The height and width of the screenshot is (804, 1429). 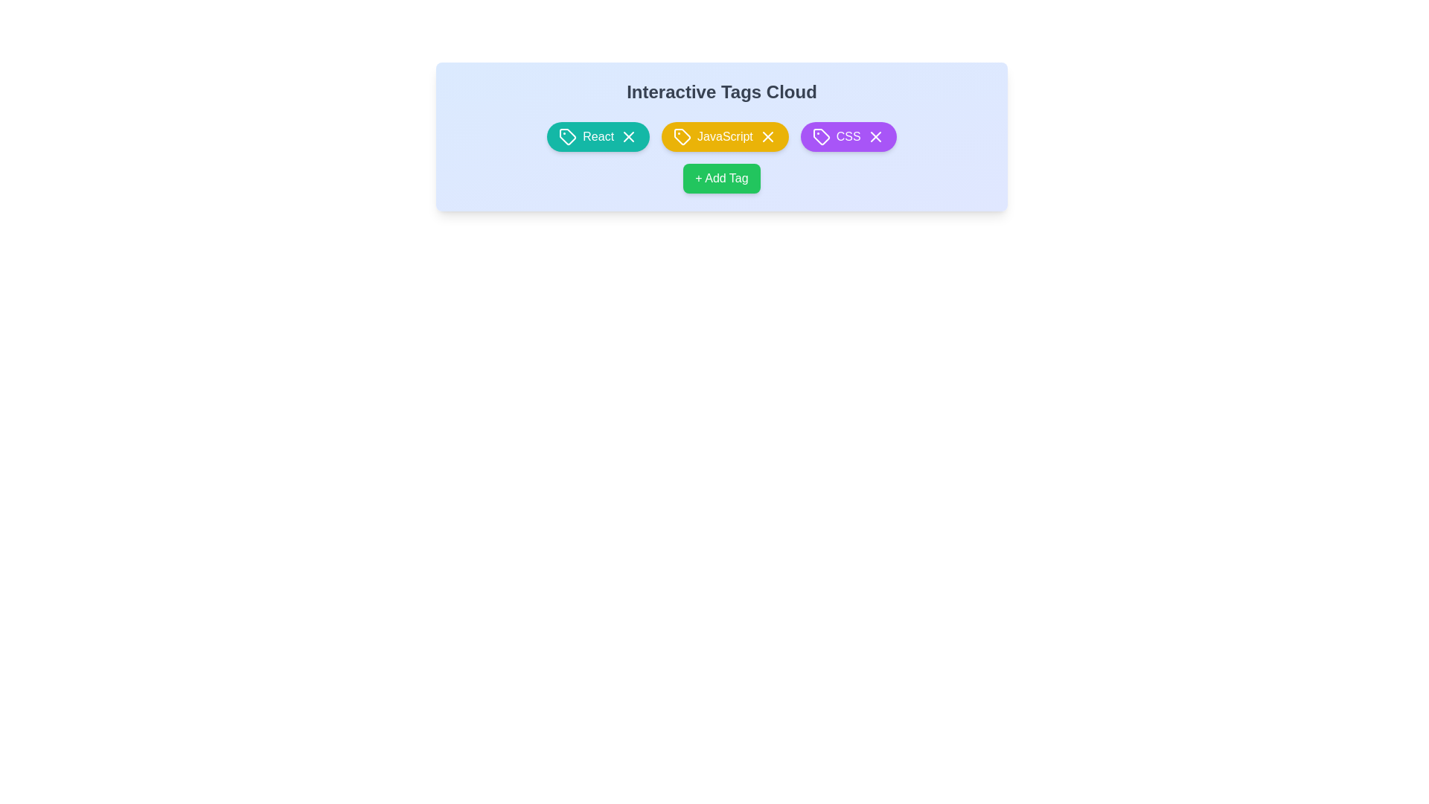 What do you see at coordinates (848, 137) in the screenshot?
I see `the tag with label CSS to inspect its color and label` at bounding box center [848, 137].